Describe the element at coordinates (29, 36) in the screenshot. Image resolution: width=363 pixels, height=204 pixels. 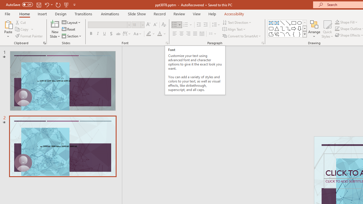
I see `'Format Painter'` at that location.